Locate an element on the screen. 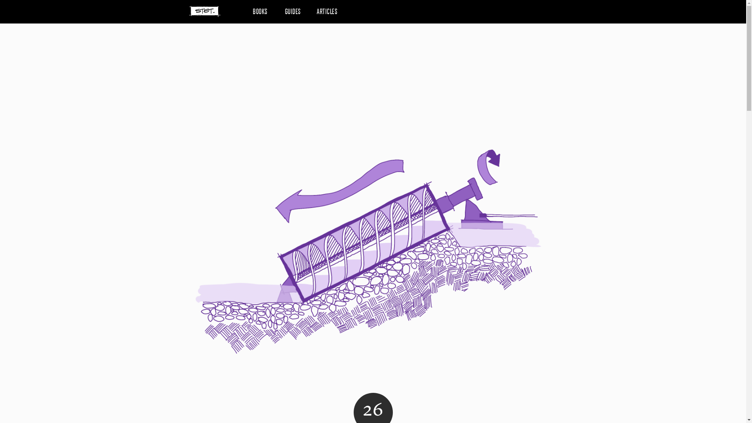  'GUIDES' is located at coordinates (292, 11).